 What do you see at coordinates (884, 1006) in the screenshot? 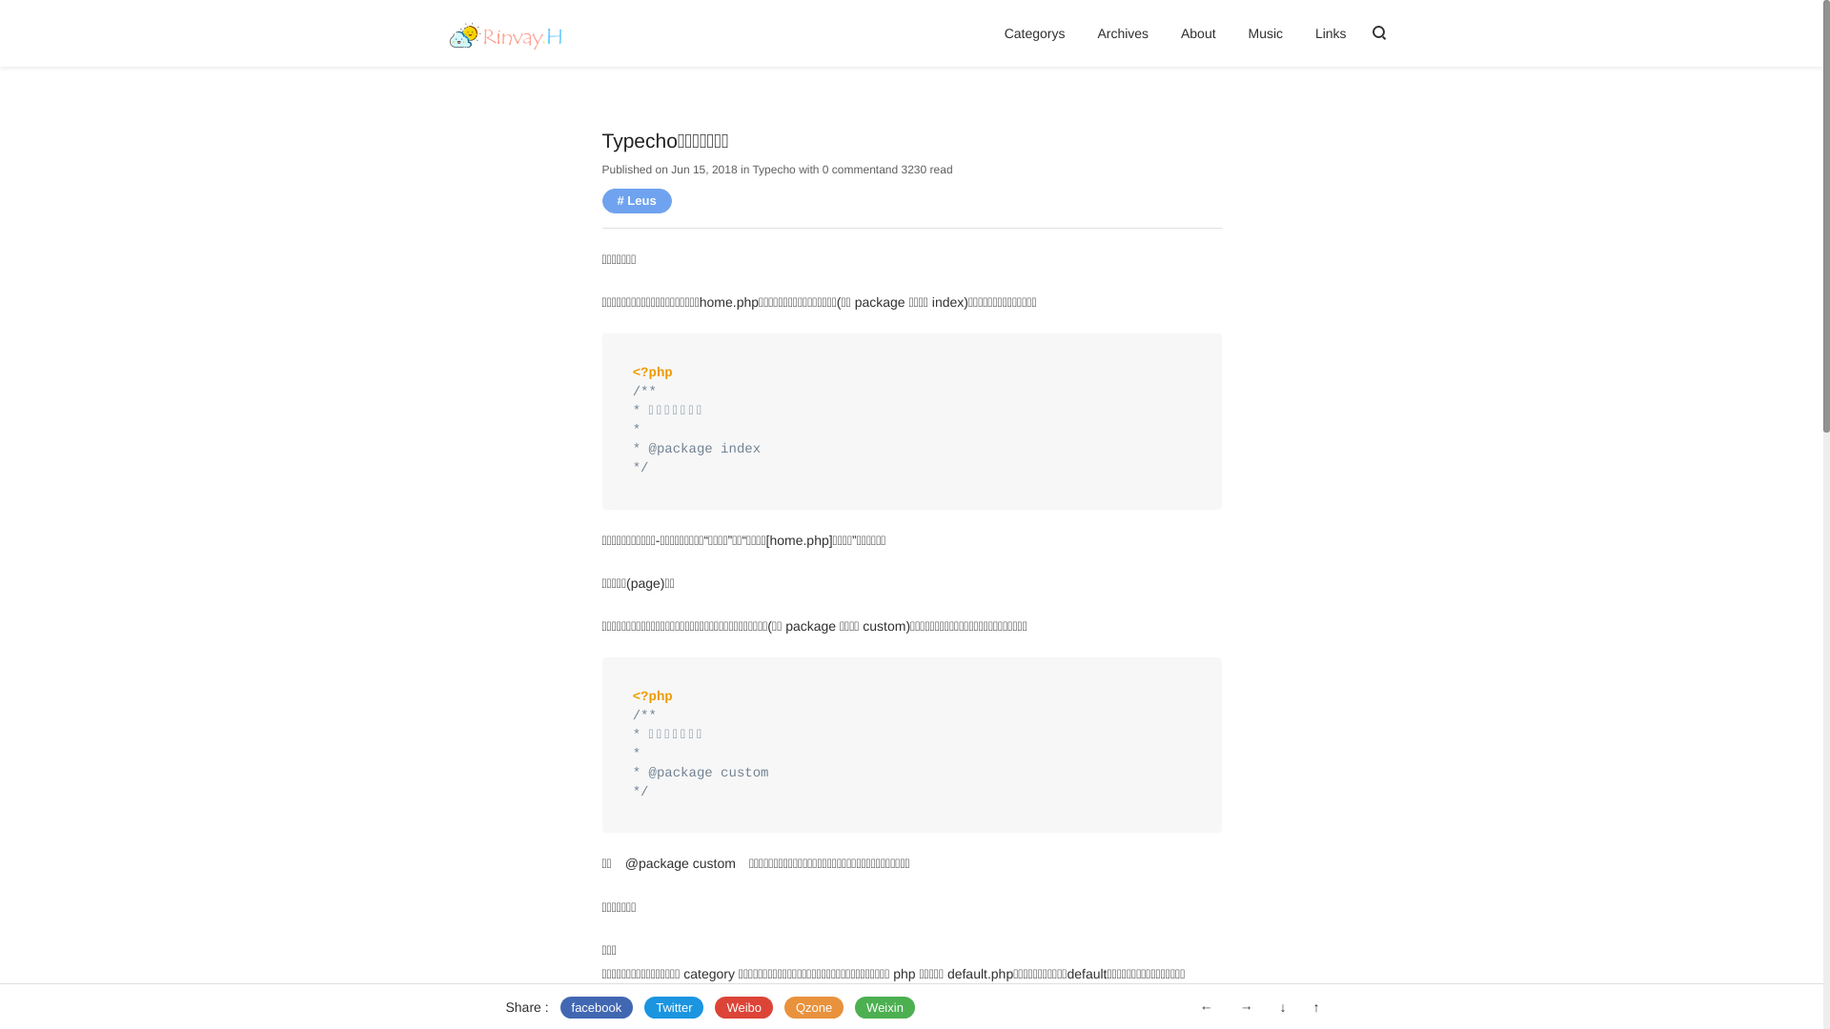
I see `'Weixin'` at bounding box center [884, 1006].